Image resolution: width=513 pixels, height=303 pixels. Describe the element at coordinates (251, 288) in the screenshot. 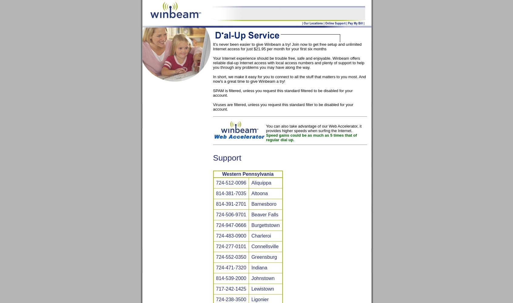

I see `'Lewistown'` at that location.